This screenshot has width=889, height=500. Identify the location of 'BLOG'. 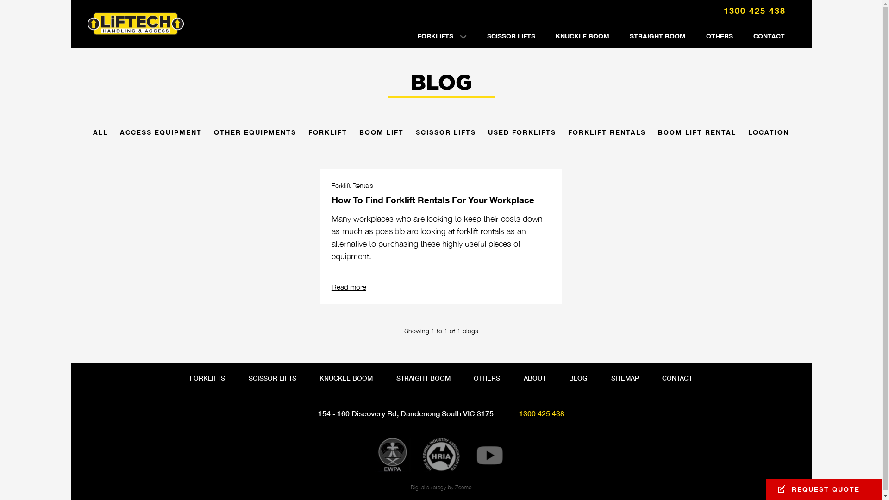
(577, 378).